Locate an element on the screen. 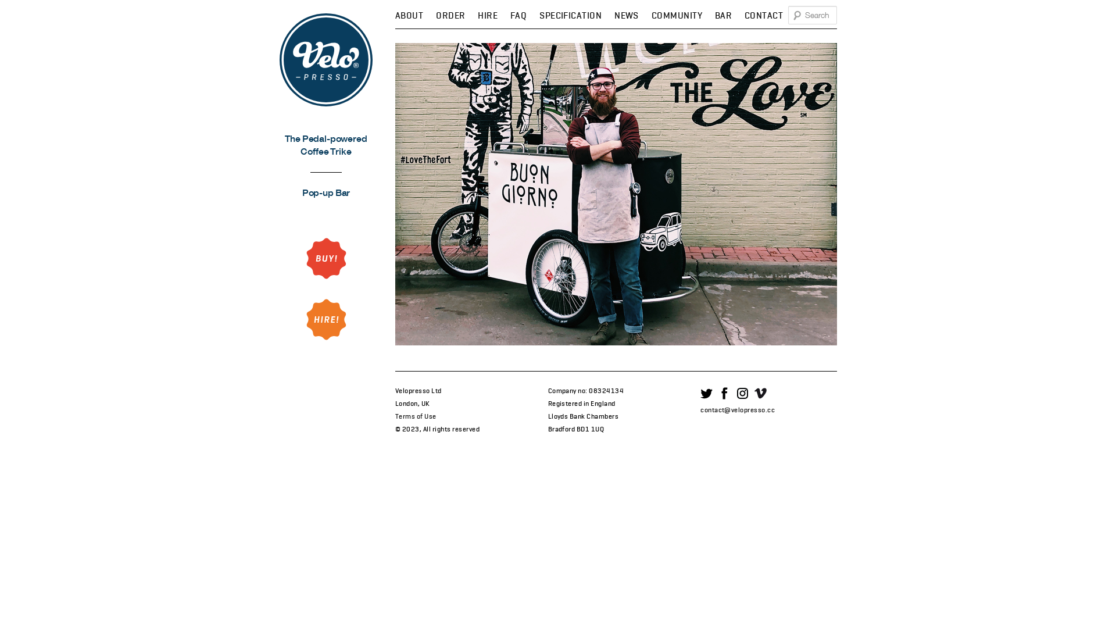 The image size is (1116, 628). 'HIRE' is located at coordinates (493, 16).